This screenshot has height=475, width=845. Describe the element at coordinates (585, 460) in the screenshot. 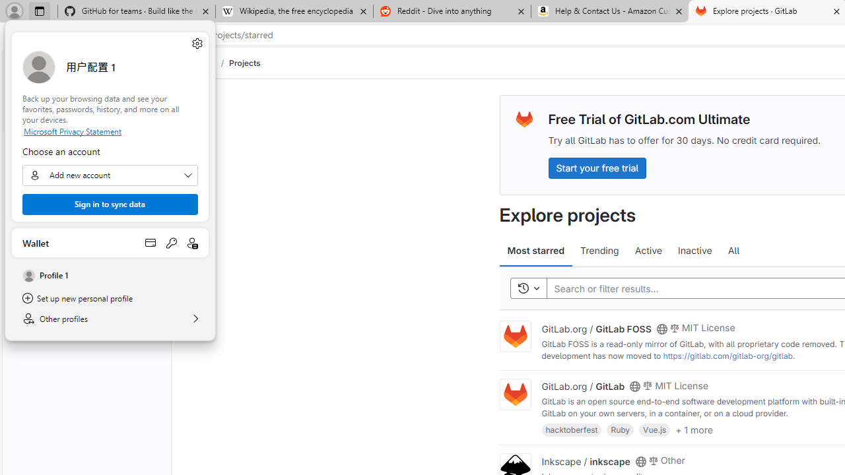

I see `'Inkscape / inkscape'` at that location.